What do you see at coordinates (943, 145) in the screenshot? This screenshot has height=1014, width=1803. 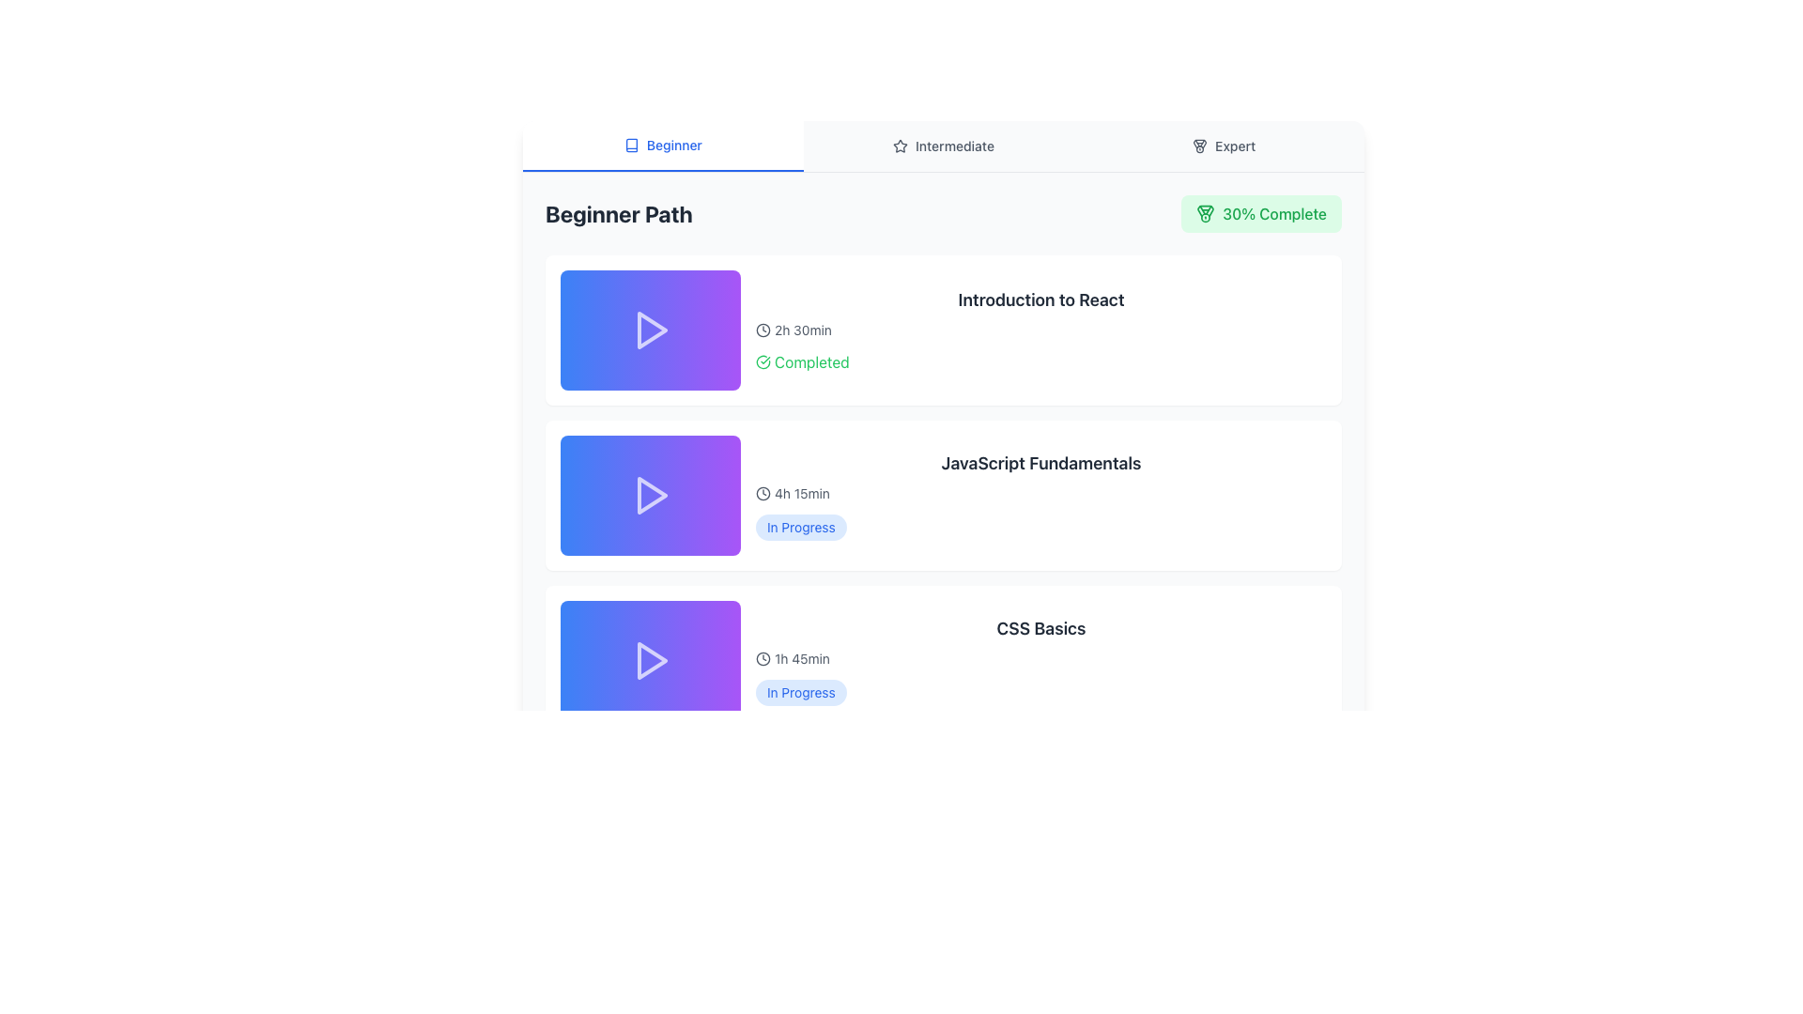 I see `the Text label with an accompanying icon located in the top-center of the navigation bar, positioned between 'Beginner' and 'Expert'` at bounding box center [943, 145].